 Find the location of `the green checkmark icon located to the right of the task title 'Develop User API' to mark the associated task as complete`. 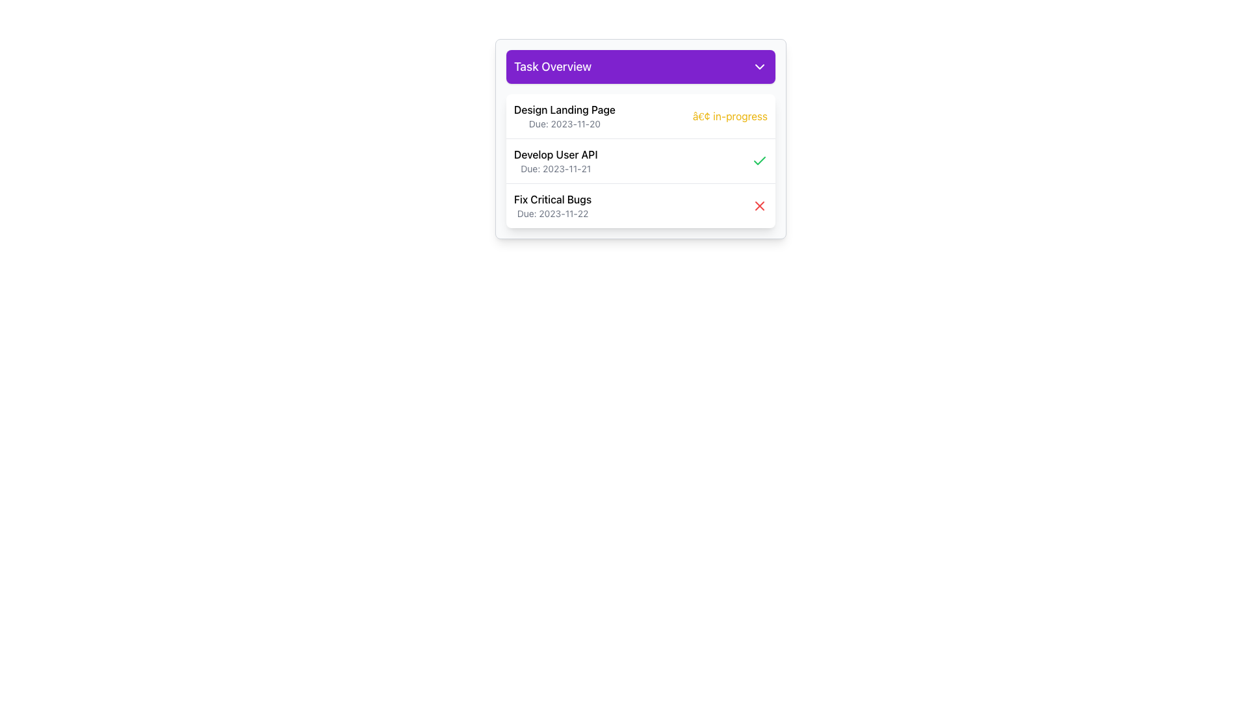

the green checkmark icon located to the right of the task title 'Develop User API' to mark the associated task as complete is located at coordinates (760, 160).